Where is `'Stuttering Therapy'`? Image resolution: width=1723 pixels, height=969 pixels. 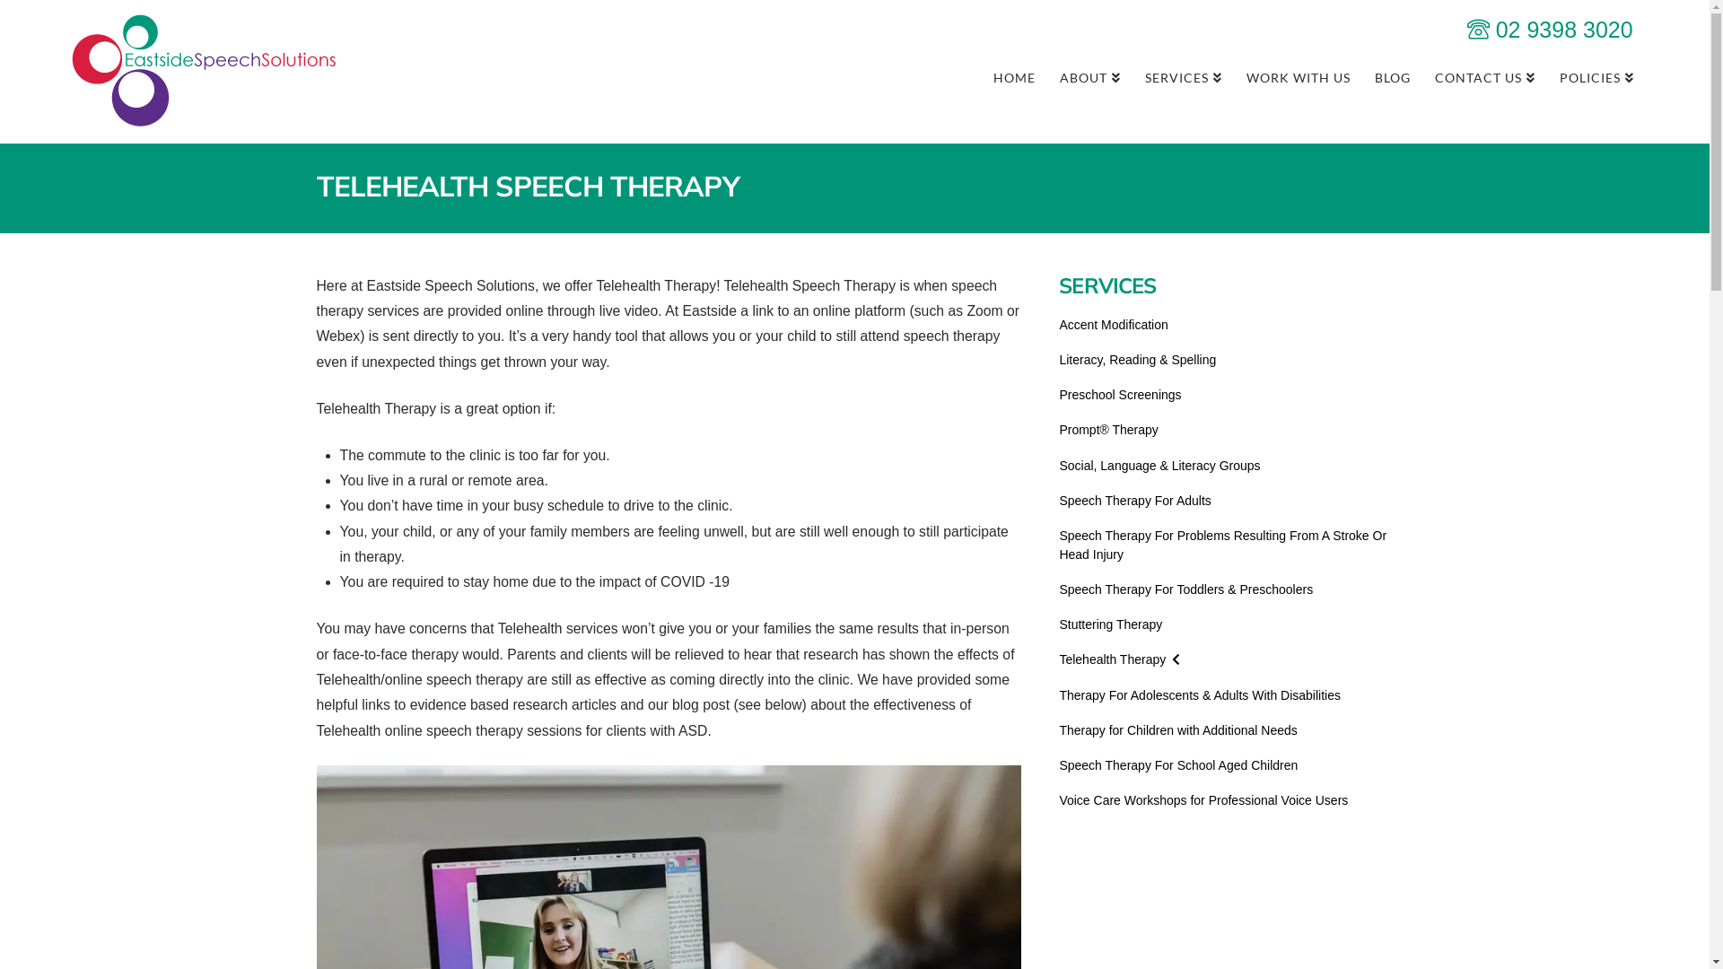 'Stuttering Therapy' is located at coordinates (1109, 624).